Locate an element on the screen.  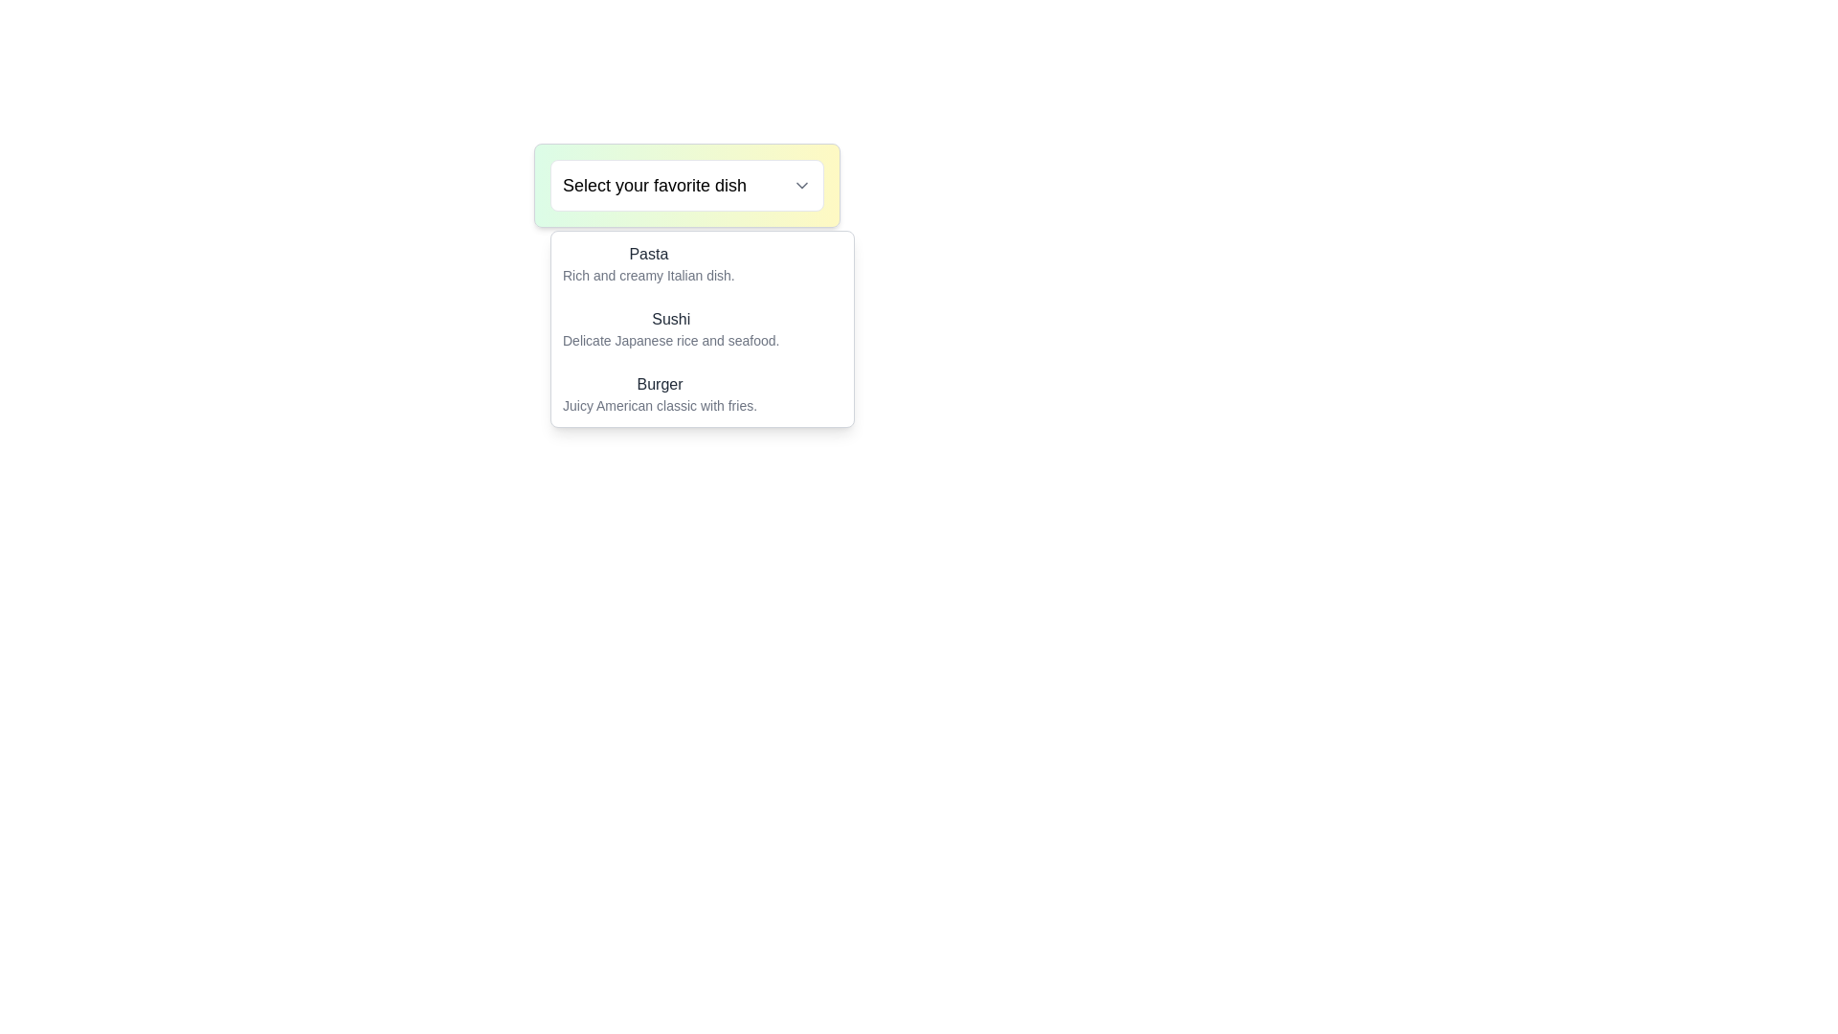
the downward-pointing chevron icon in the dropdown menu labeled 'Select your favorite dish' is located at coordinates (802, 185).